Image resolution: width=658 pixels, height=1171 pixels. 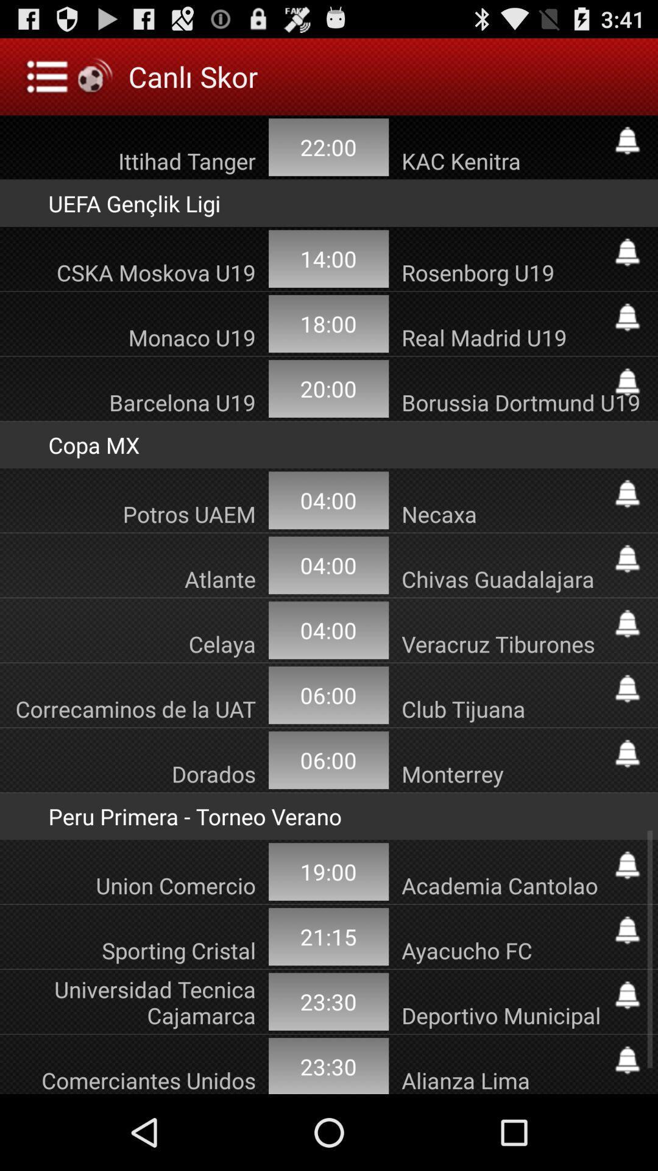 What do you see at coordinates (627, 623) in the screenshot?
I see `set alert` at bounding box center [627, 623].